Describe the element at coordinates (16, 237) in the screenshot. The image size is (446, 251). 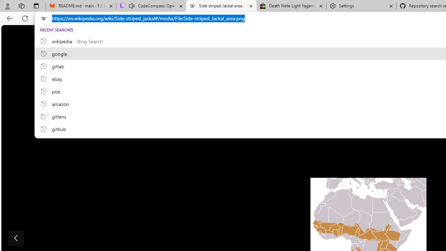
I see `'Show previous image'` at that location.